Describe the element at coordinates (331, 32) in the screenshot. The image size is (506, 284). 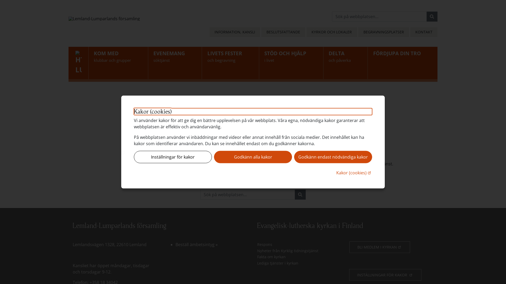
I see `'KYRKOR OCH LOKALER'` at that location.